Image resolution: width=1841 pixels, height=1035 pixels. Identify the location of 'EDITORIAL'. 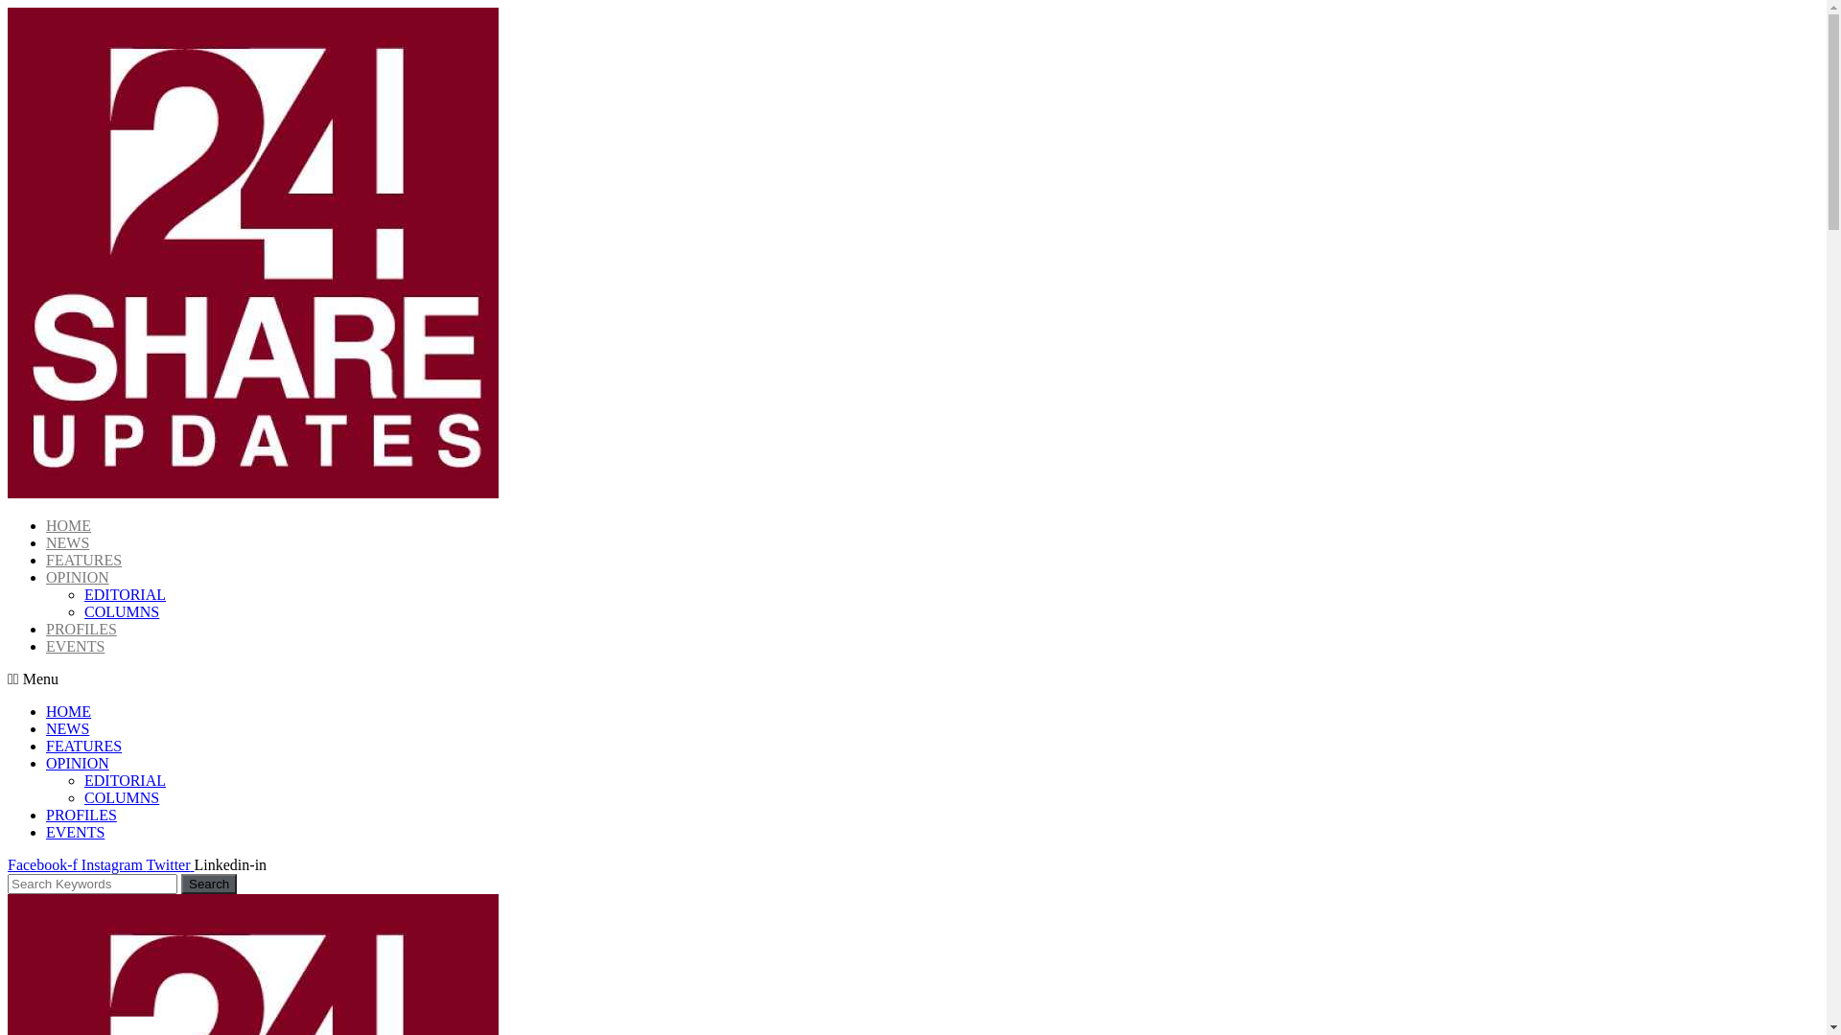
(124, 780).